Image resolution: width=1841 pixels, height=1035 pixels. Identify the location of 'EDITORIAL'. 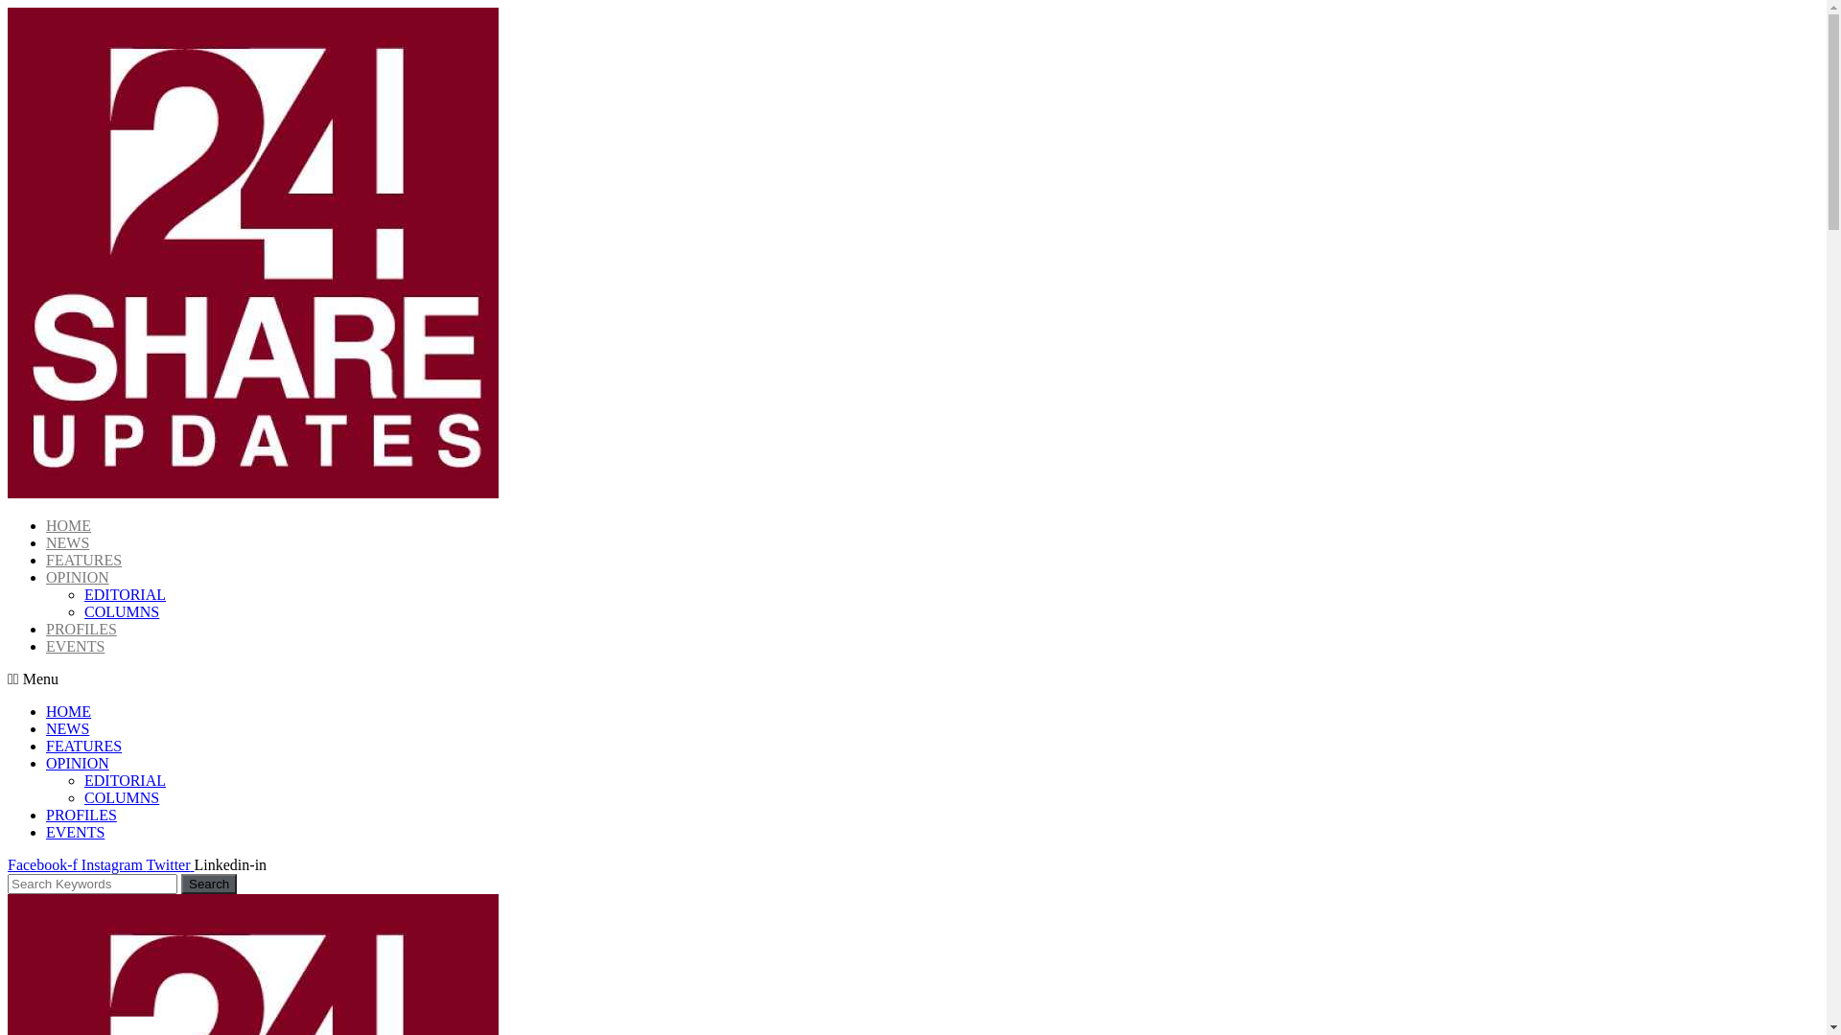
(124, 780).